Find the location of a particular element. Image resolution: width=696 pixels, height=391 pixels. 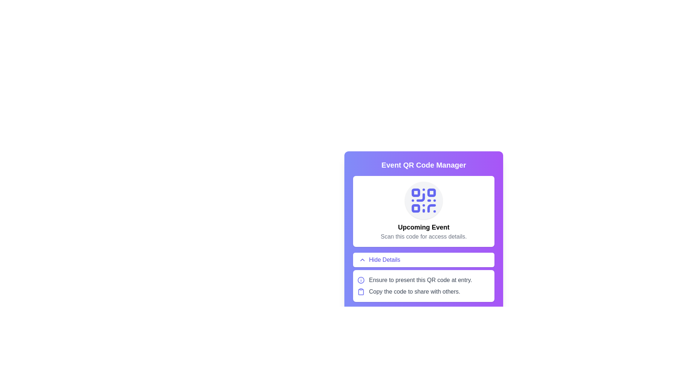

the purple QR code icon displayed within a circular, light gray background, which is centered beneath the title 'Event QR Code Manager' and above the subtitle 'Upcoming Event' is located at coordinates (424, 201).